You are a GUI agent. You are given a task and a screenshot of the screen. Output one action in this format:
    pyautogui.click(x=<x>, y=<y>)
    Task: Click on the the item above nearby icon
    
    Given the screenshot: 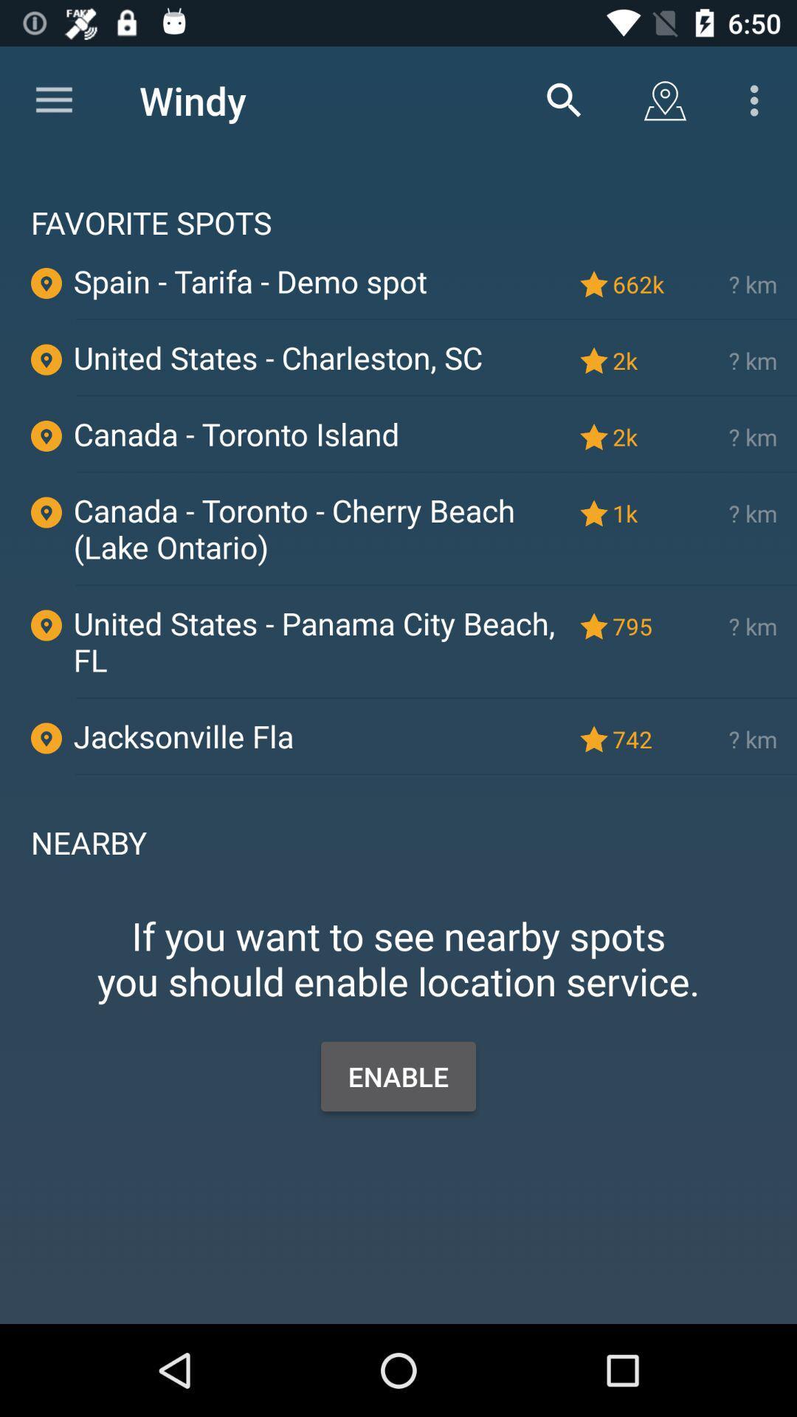 What is the action you would take?
    pyautogui.click(x=435, y=773)
    